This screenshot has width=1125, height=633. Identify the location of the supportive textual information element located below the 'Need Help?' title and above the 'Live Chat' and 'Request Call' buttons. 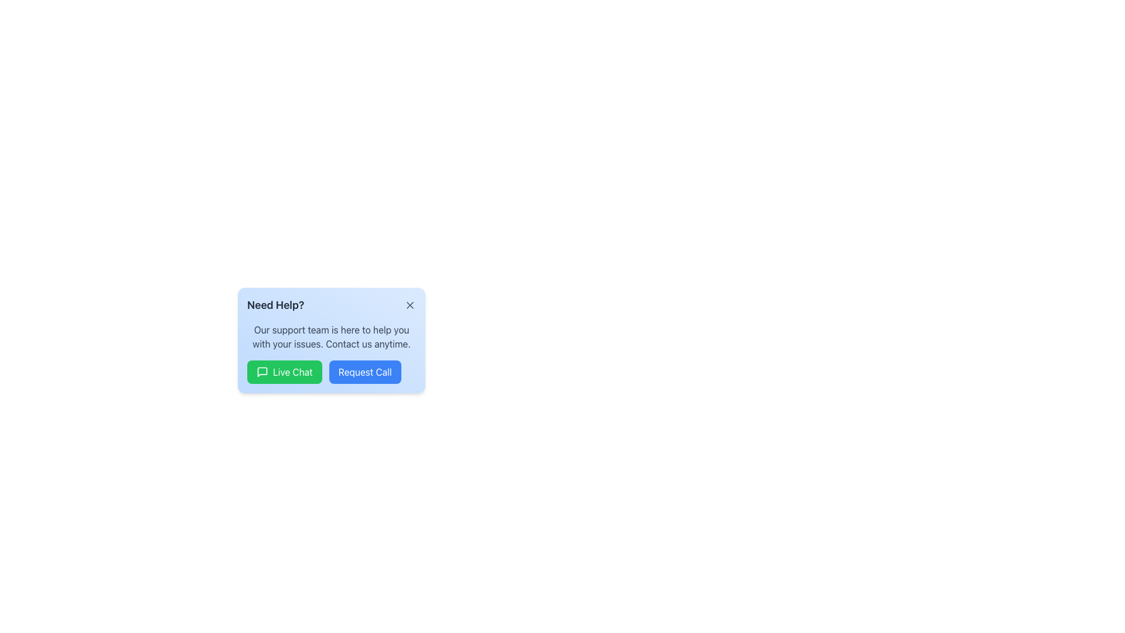
(331, 341).